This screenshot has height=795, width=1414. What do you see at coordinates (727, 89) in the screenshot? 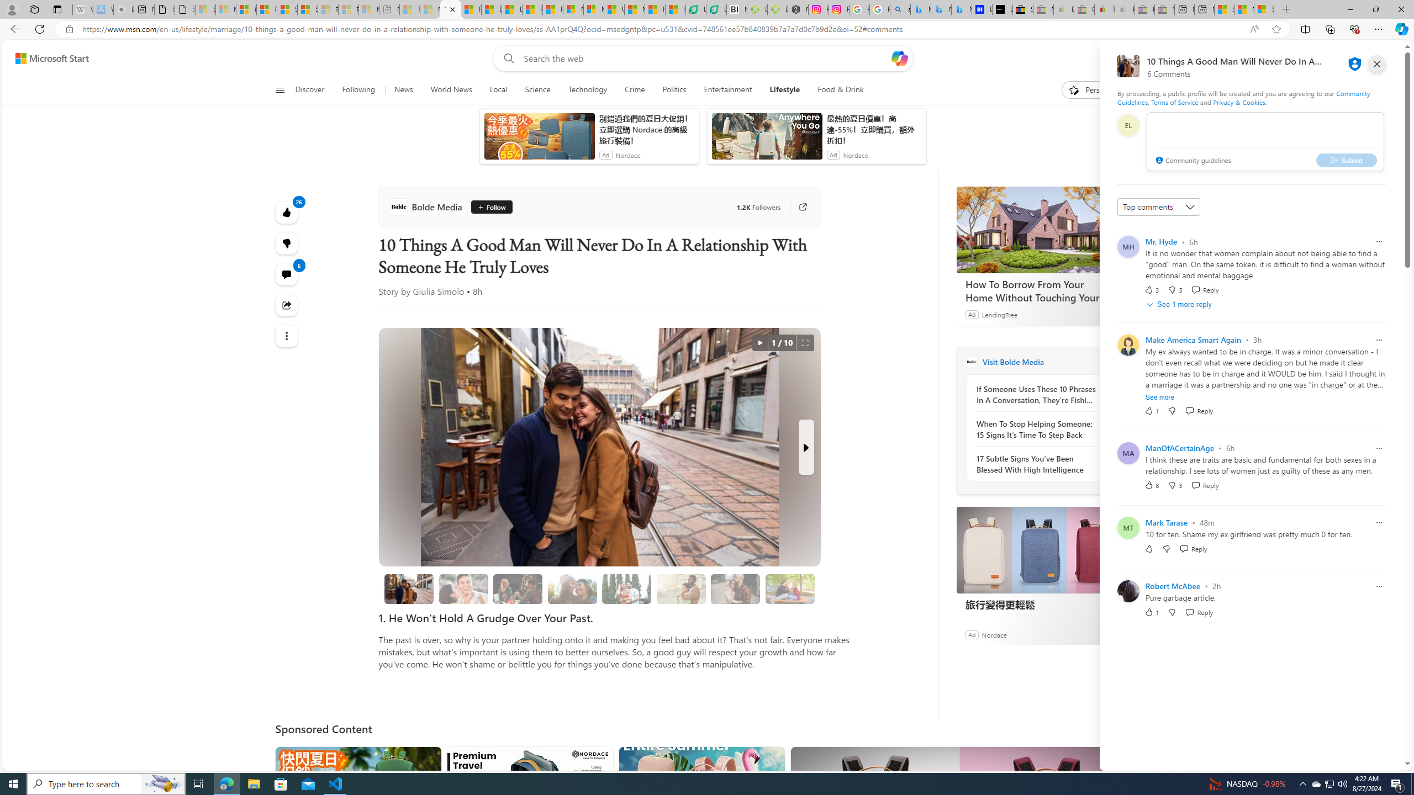
I see `'Entertainment'` at bounding box center [727, 89].